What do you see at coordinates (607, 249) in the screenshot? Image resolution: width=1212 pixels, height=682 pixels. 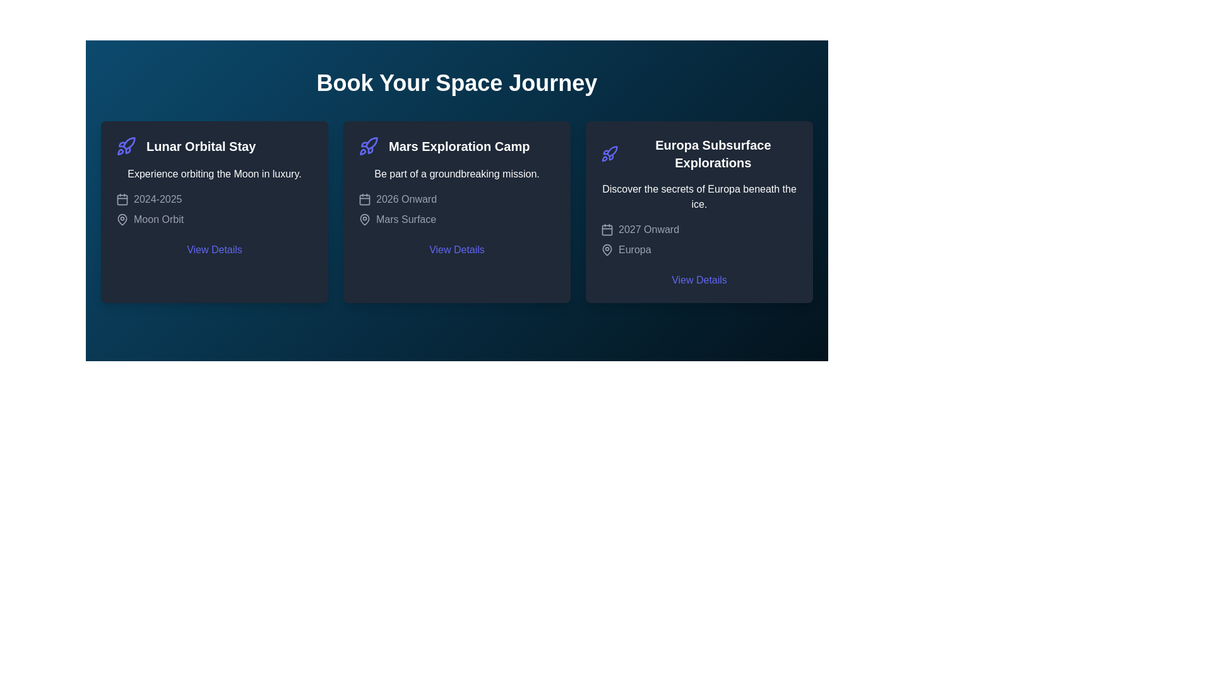 I see `the geographical location icon situated in the rightmost panel under the header 'Europa Subsurface Explorations', near the text indicating location 'Europa'` at bounding box center [607, 249].